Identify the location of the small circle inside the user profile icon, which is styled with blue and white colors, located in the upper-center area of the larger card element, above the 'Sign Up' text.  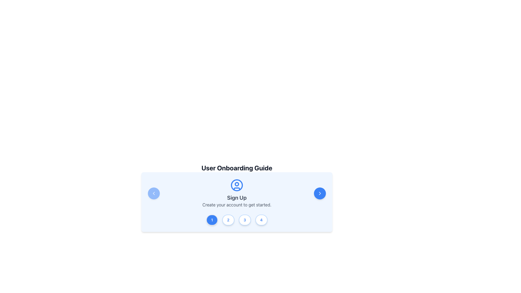
(237, 184).